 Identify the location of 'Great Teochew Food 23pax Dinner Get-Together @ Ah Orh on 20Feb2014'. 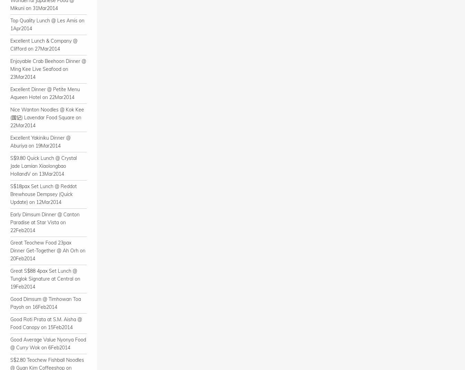
(10, 250).